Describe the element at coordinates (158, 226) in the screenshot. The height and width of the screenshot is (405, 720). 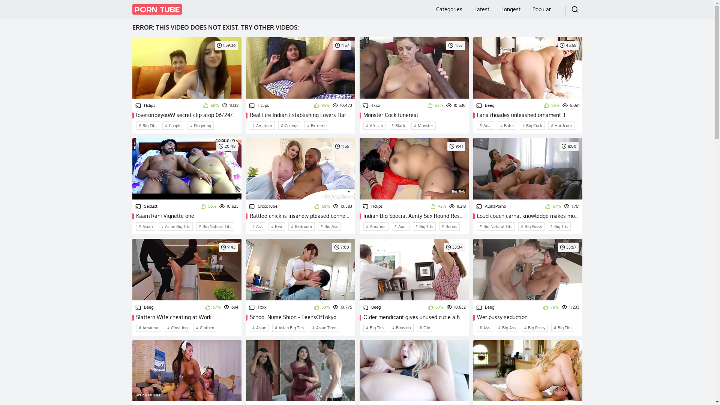
I see `'Asian Big Tits'` at that location.